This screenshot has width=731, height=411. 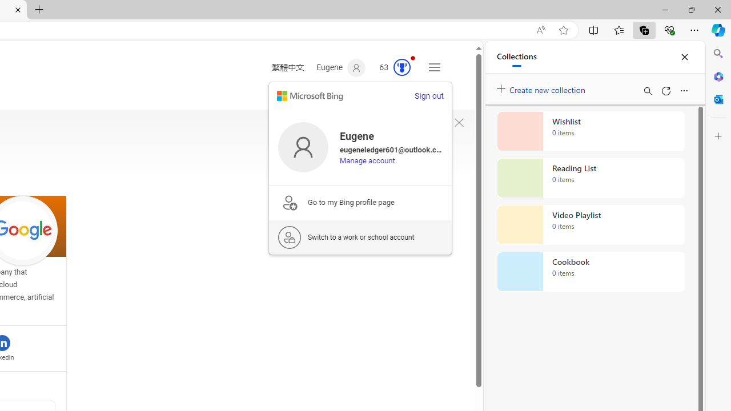 I want to click on 'AutomationID: serp_medal_svg', so click(x=402, y=67).